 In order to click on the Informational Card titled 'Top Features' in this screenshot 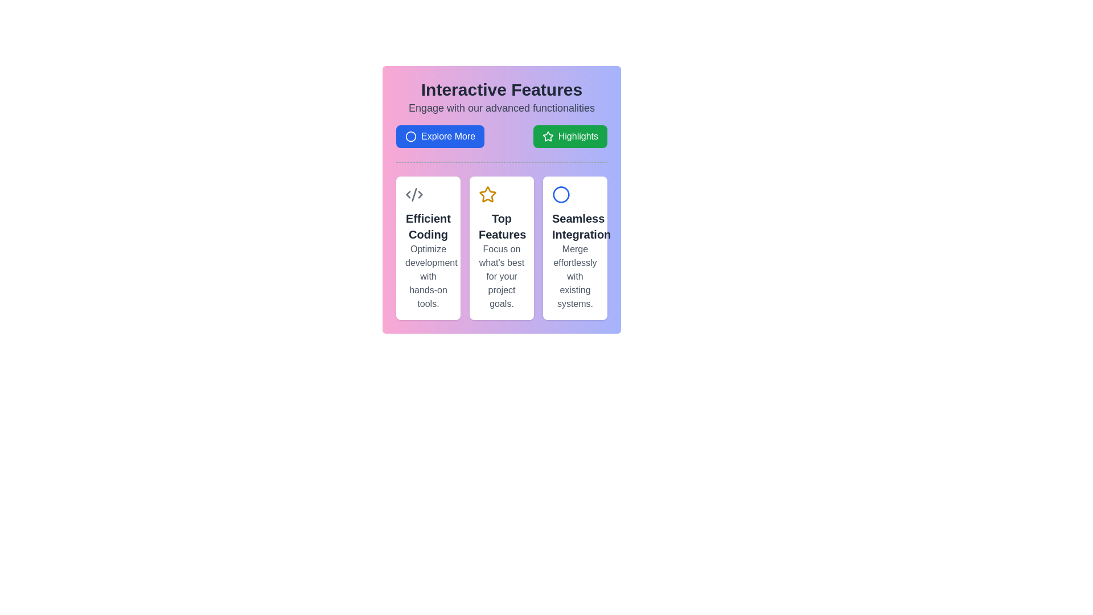, I will do `click(501, 247)`.